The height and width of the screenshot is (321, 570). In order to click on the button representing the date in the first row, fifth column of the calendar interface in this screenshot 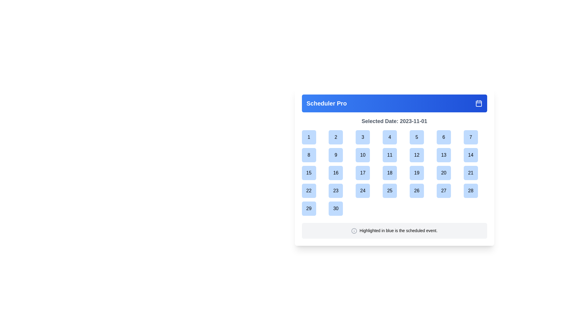, I will do `click(416, 137)`.